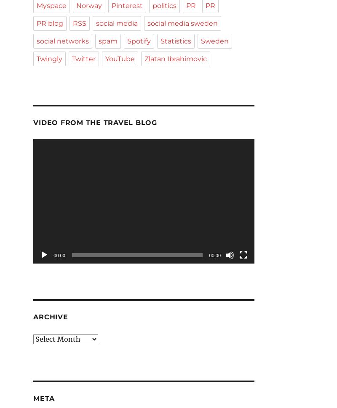 This screenshot has height=408, width=337. I want to click on 'Myspace', so click(51, 5).